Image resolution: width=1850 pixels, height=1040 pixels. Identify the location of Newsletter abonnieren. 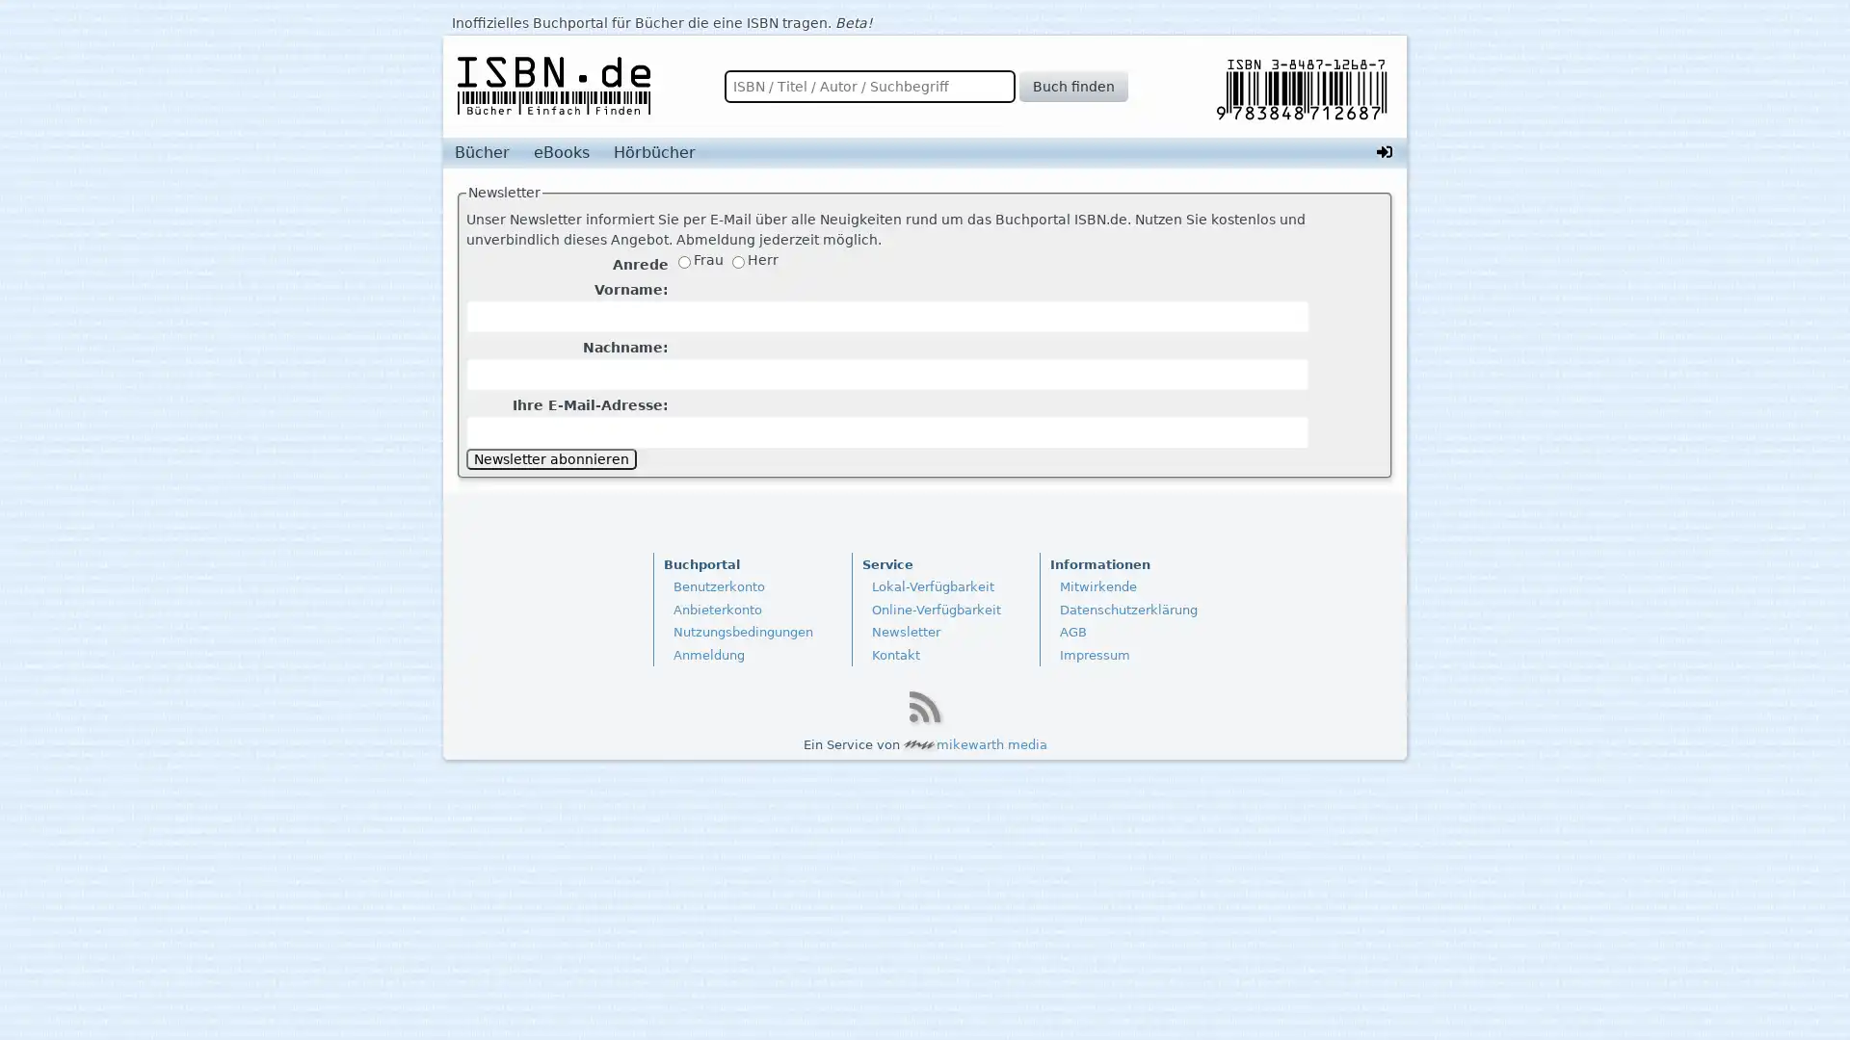
(550, 459).